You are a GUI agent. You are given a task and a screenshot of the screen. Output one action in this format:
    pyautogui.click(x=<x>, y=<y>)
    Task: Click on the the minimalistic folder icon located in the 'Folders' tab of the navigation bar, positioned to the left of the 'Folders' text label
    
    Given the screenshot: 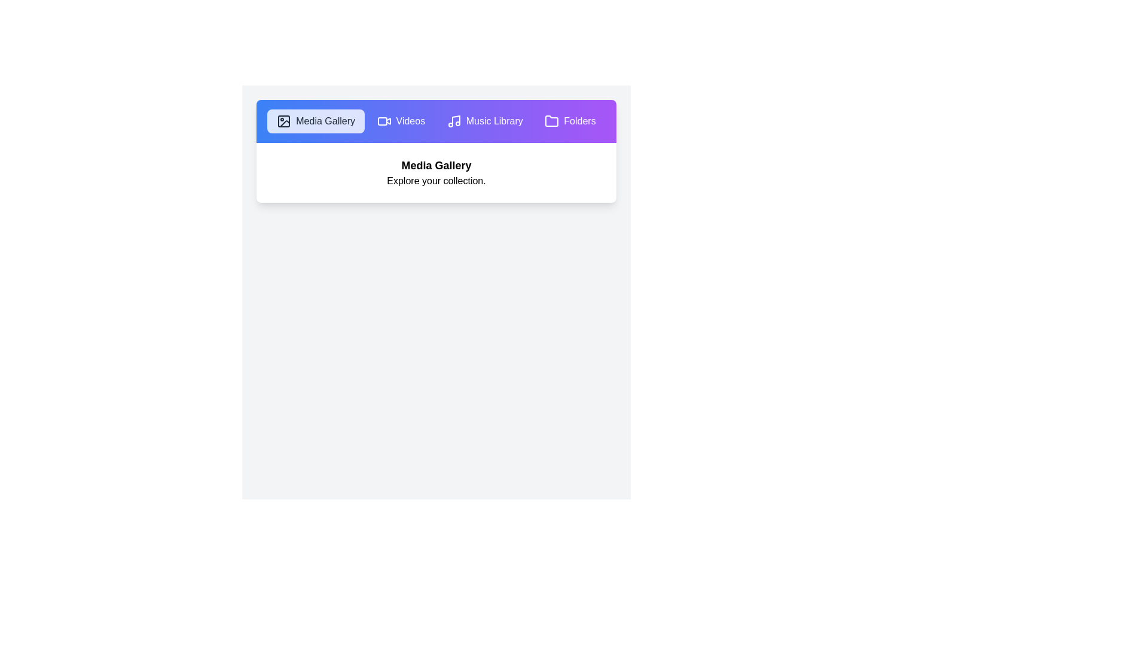 What is the action you would take?
    pyautogui.click(x=551, y=121)
    